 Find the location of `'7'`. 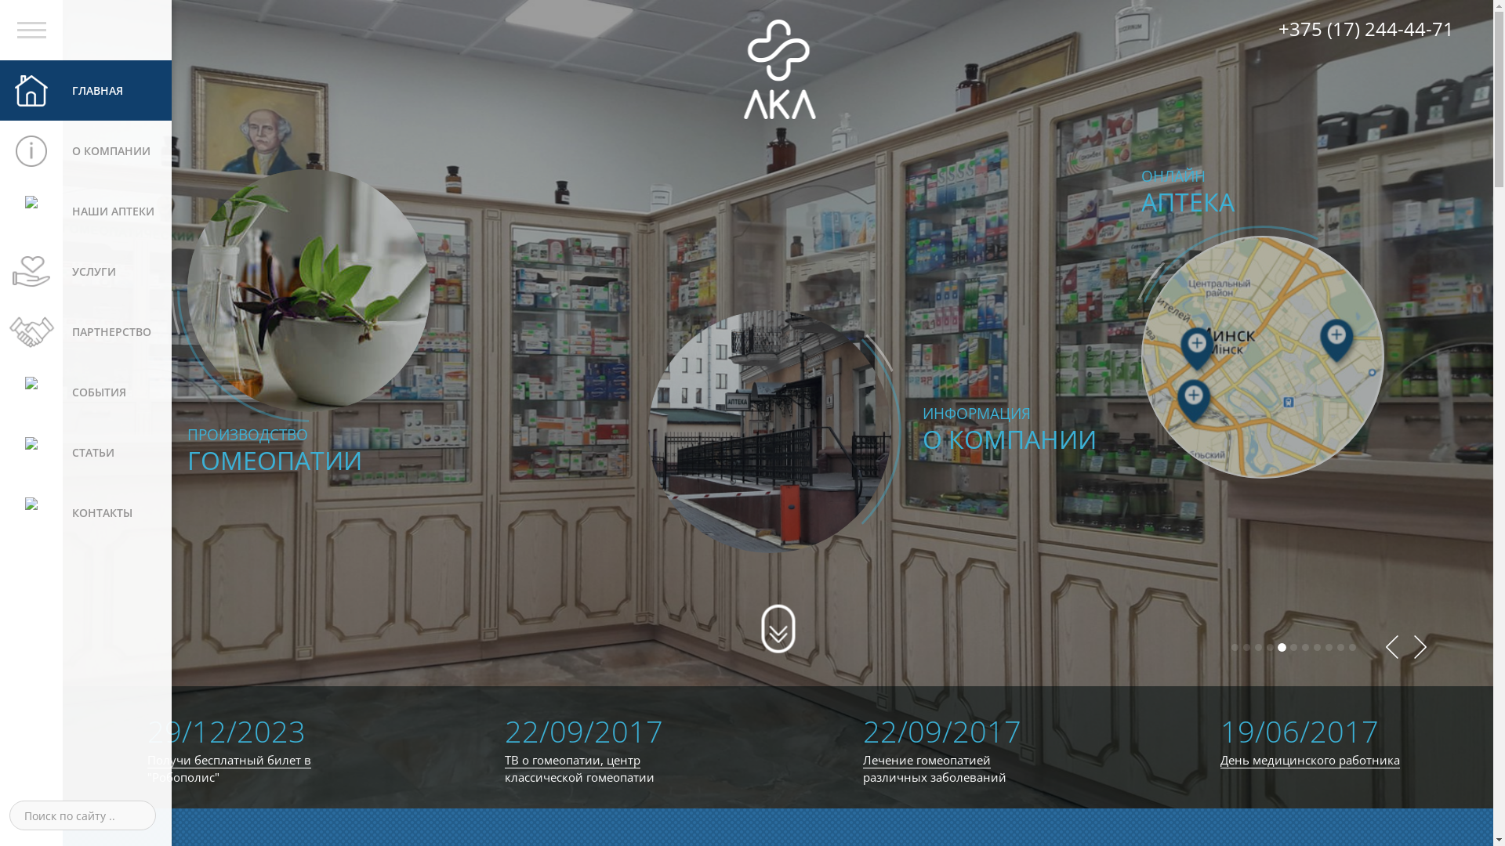

'7' is located at coordinates (1301, 647).